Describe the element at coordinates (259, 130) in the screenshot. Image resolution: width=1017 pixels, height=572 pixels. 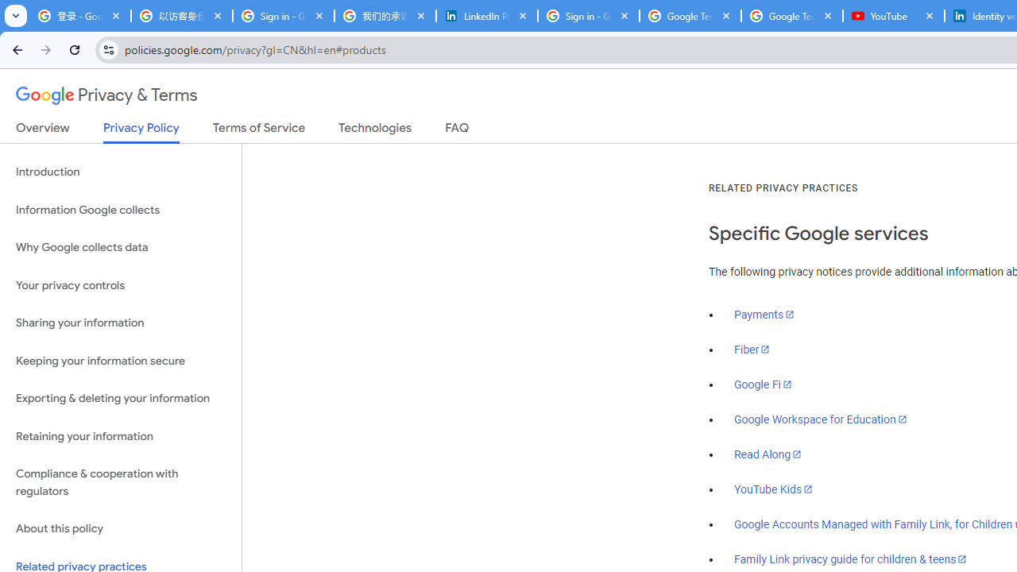
I see `'Terms of Service'` at that location.